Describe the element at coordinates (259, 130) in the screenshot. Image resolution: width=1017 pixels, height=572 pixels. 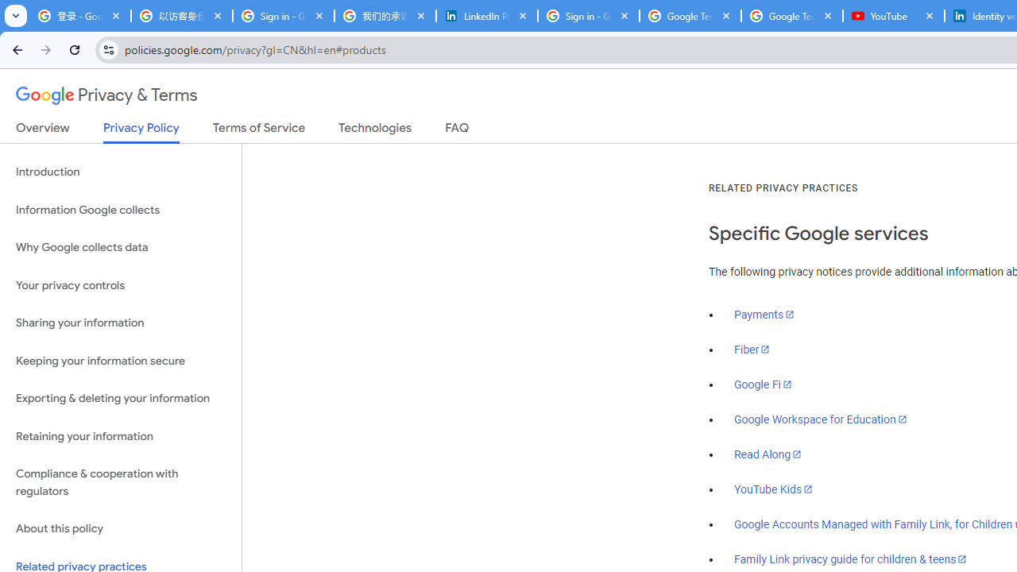
I see `'Terms of Service'` at that location.